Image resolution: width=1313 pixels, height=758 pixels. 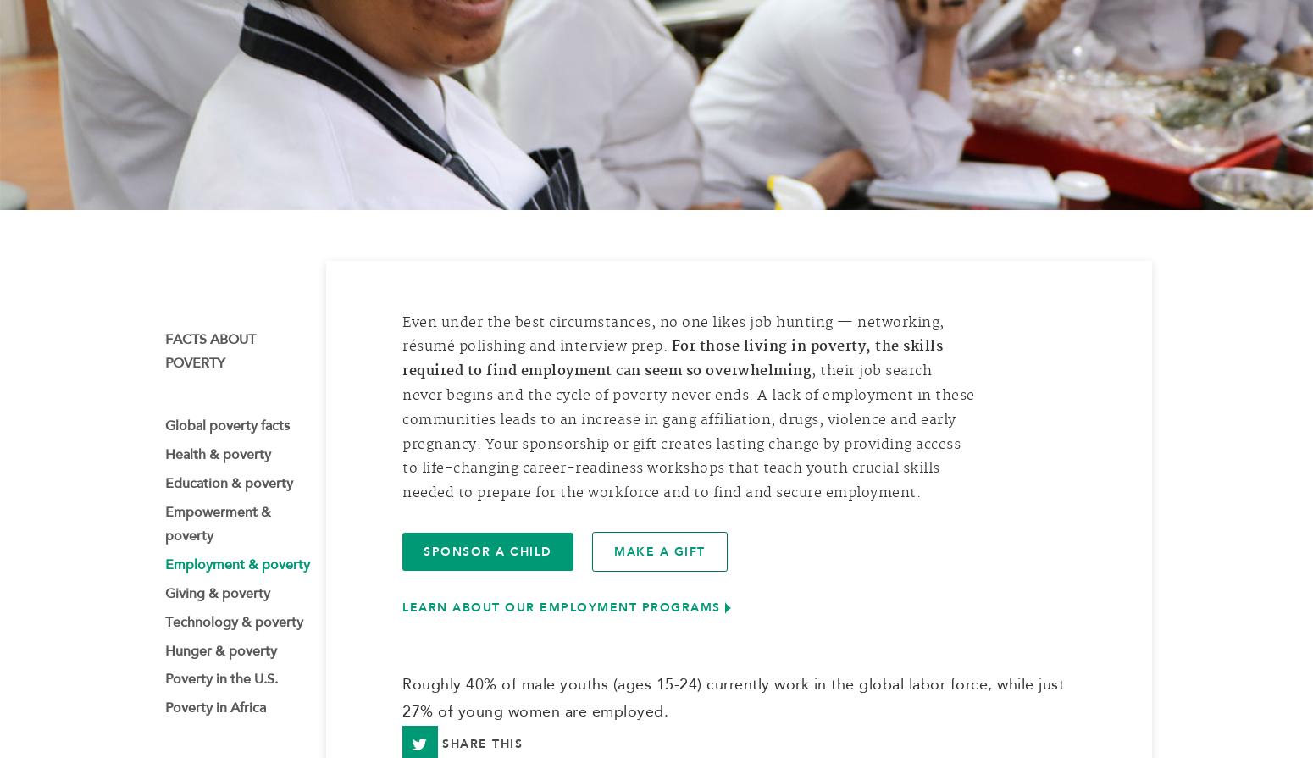 What do you see at coordinates (163, 713) in the screenshot?
I see `'Poverty in Africa'` at bounding box center [163, 713].